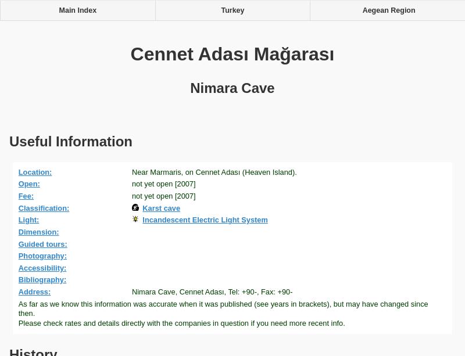 This screenshot has height=356, width=465. Describe the element at coordinates (388, 9) in the screenshot. I see `'Aegean Region'` at that location.